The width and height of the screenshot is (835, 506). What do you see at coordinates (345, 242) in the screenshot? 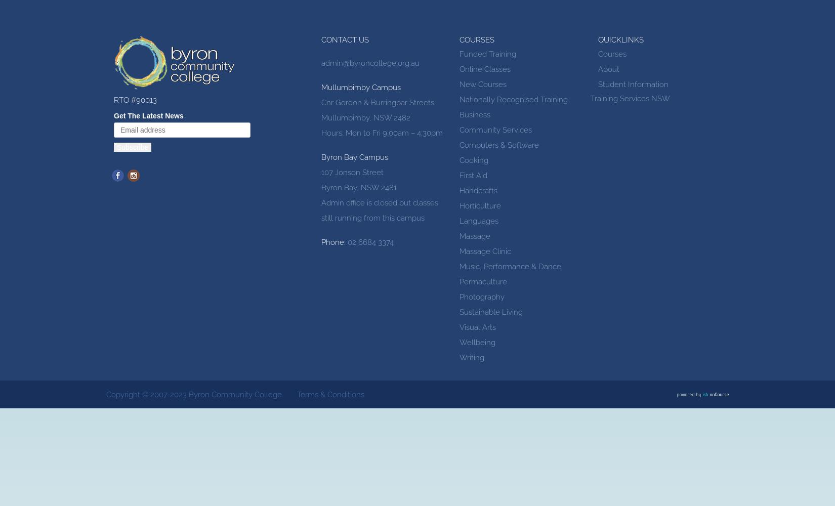
I see `'02 6684 3374'` at bounding box center [345, 242].